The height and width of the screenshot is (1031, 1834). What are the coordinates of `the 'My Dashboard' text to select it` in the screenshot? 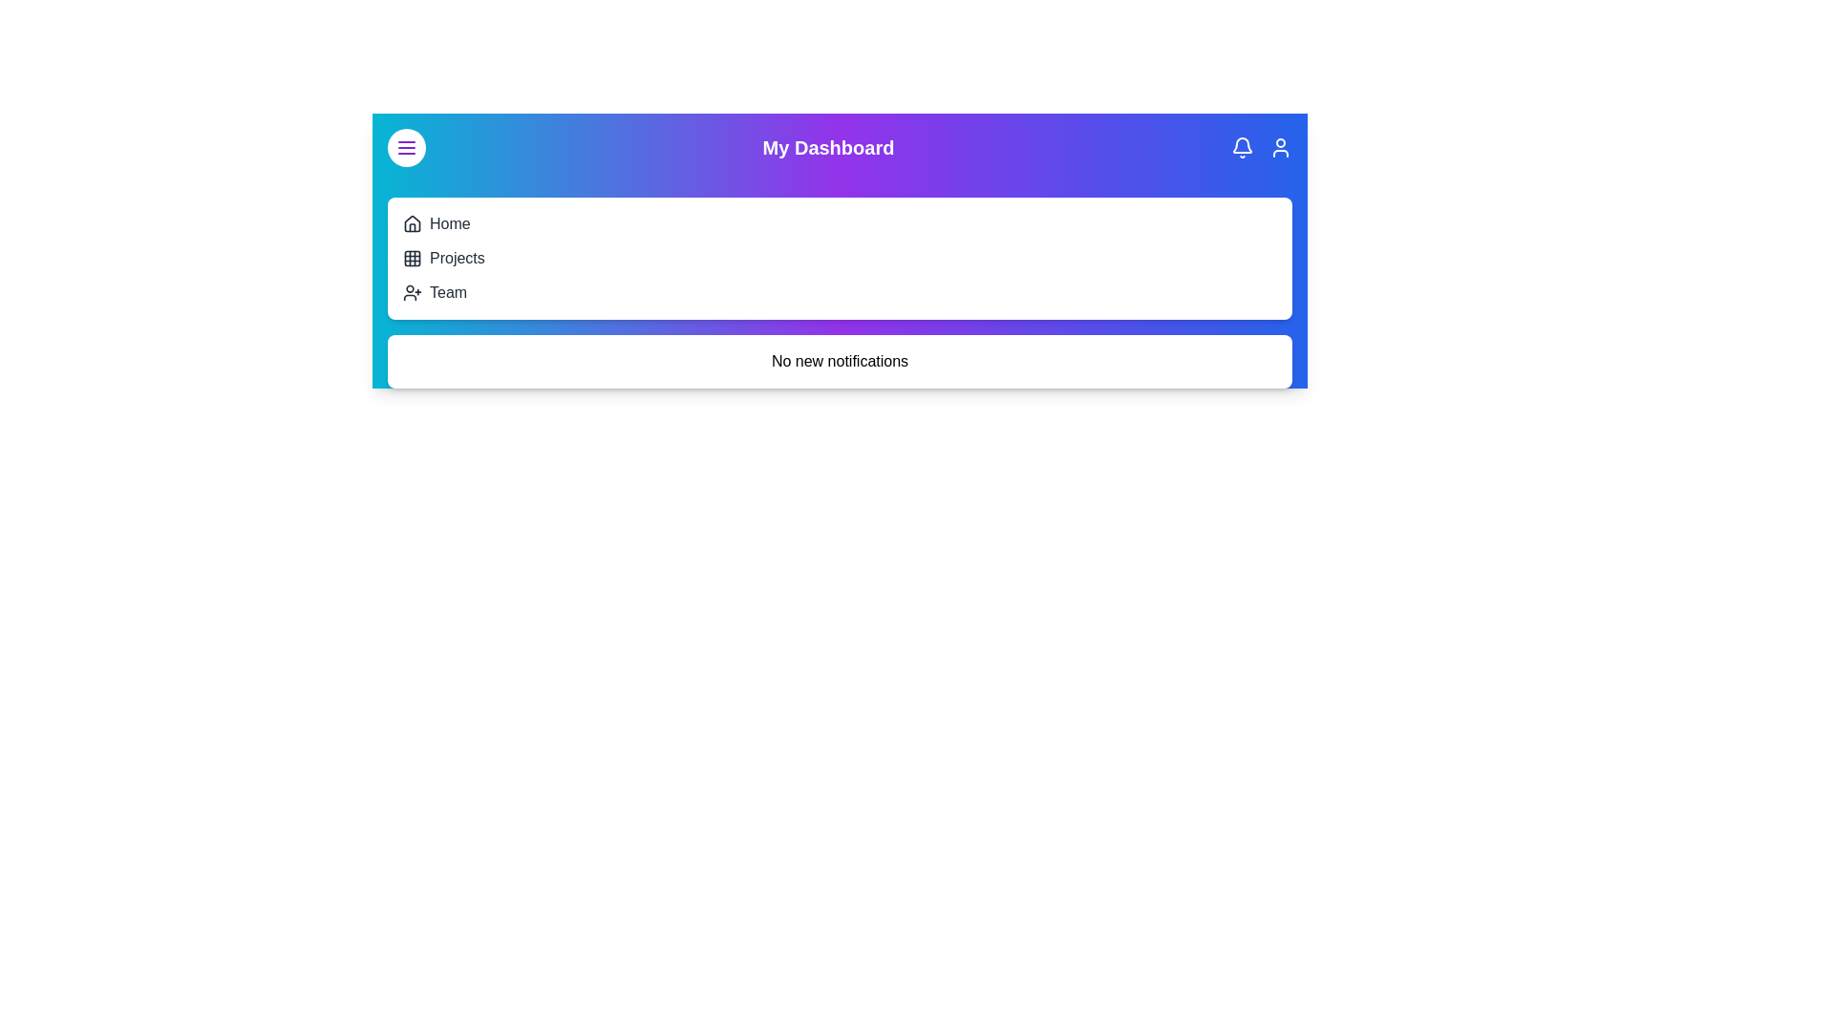 It's located at (828, 146).